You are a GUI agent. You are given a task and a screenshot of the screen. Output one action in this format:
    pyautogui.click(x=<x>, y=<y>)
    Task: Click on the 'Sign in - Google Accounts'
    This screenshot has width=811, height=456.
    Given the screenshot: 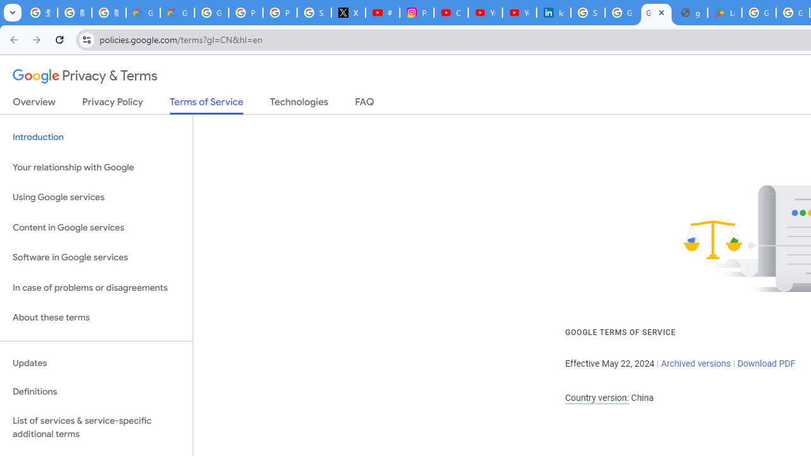 What is the action you would take?
    pyautogui.click(x=587, y=13)
    